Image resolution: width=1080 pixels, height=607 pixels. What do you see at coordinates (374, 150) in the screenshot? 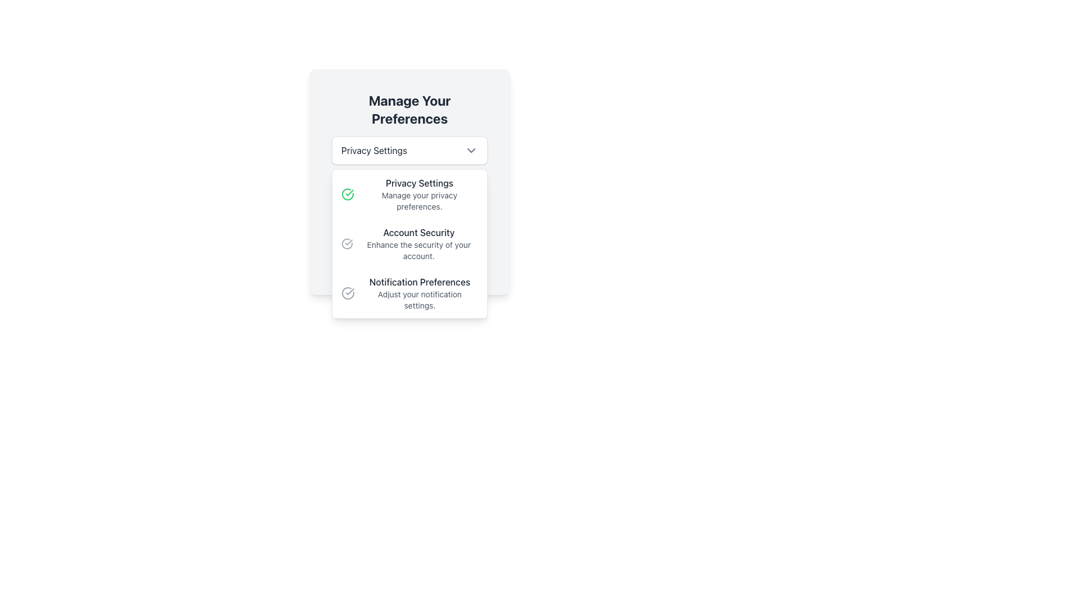
I see `the 'Privacy Settings' text label, which is styled in bold and dark font within a white box on a light grey background, located at the center of the dropdown interface` at bounding box center [374, 150].